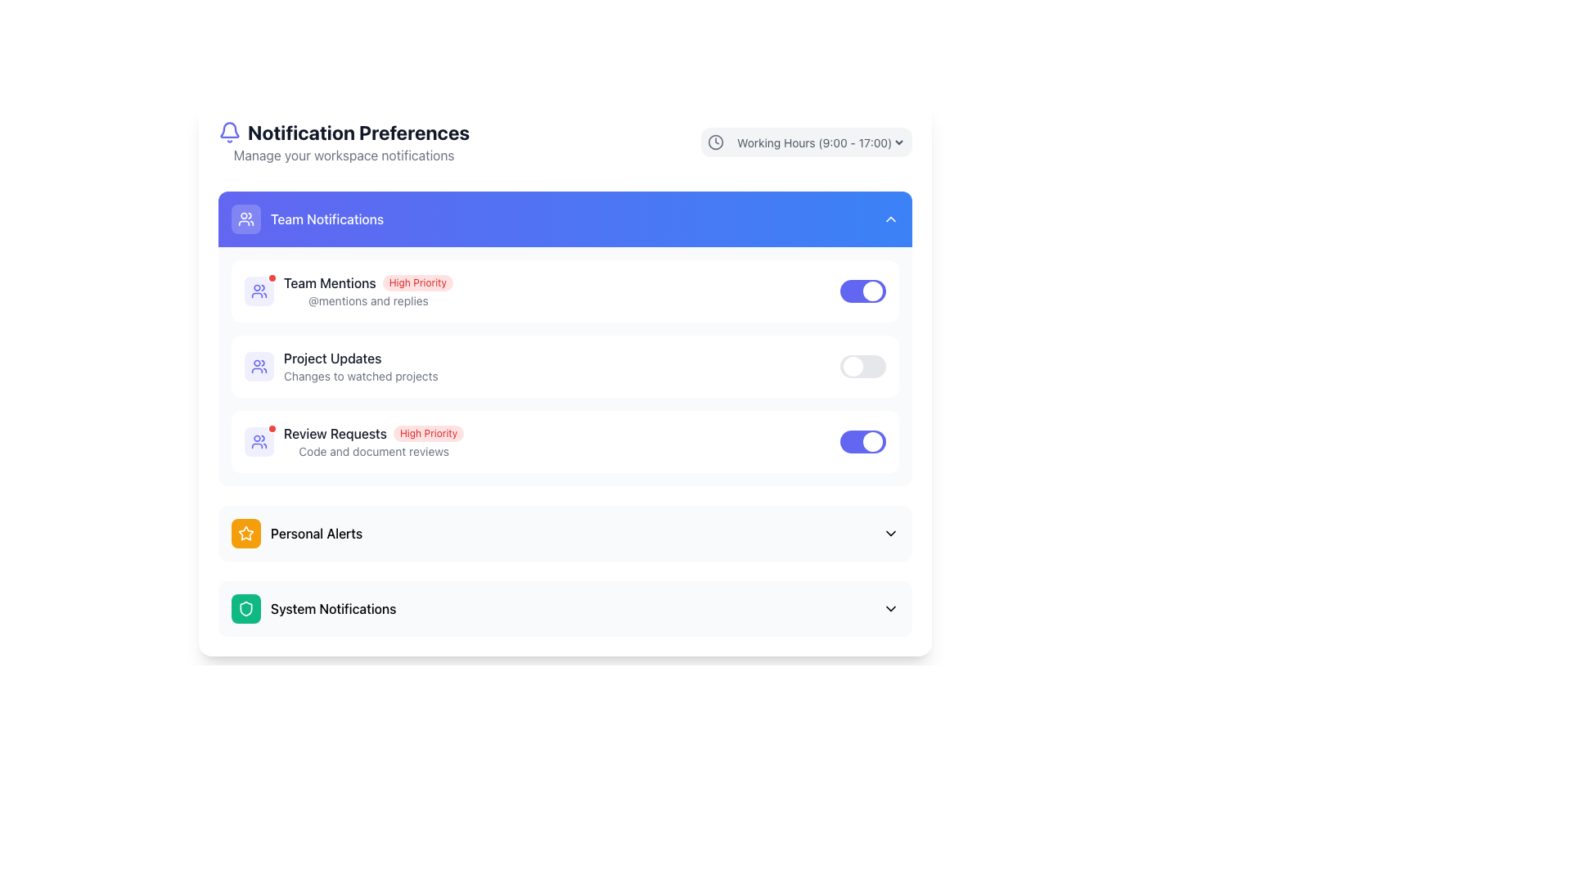 Image resolution: width=1571 pixels, height=884 pixels. Describe the element at coordinates (272, 277) in the screenshot. I see `the status indicator located at the top-right corner of the Team Notifications group in the Team Mentions section` at that location.